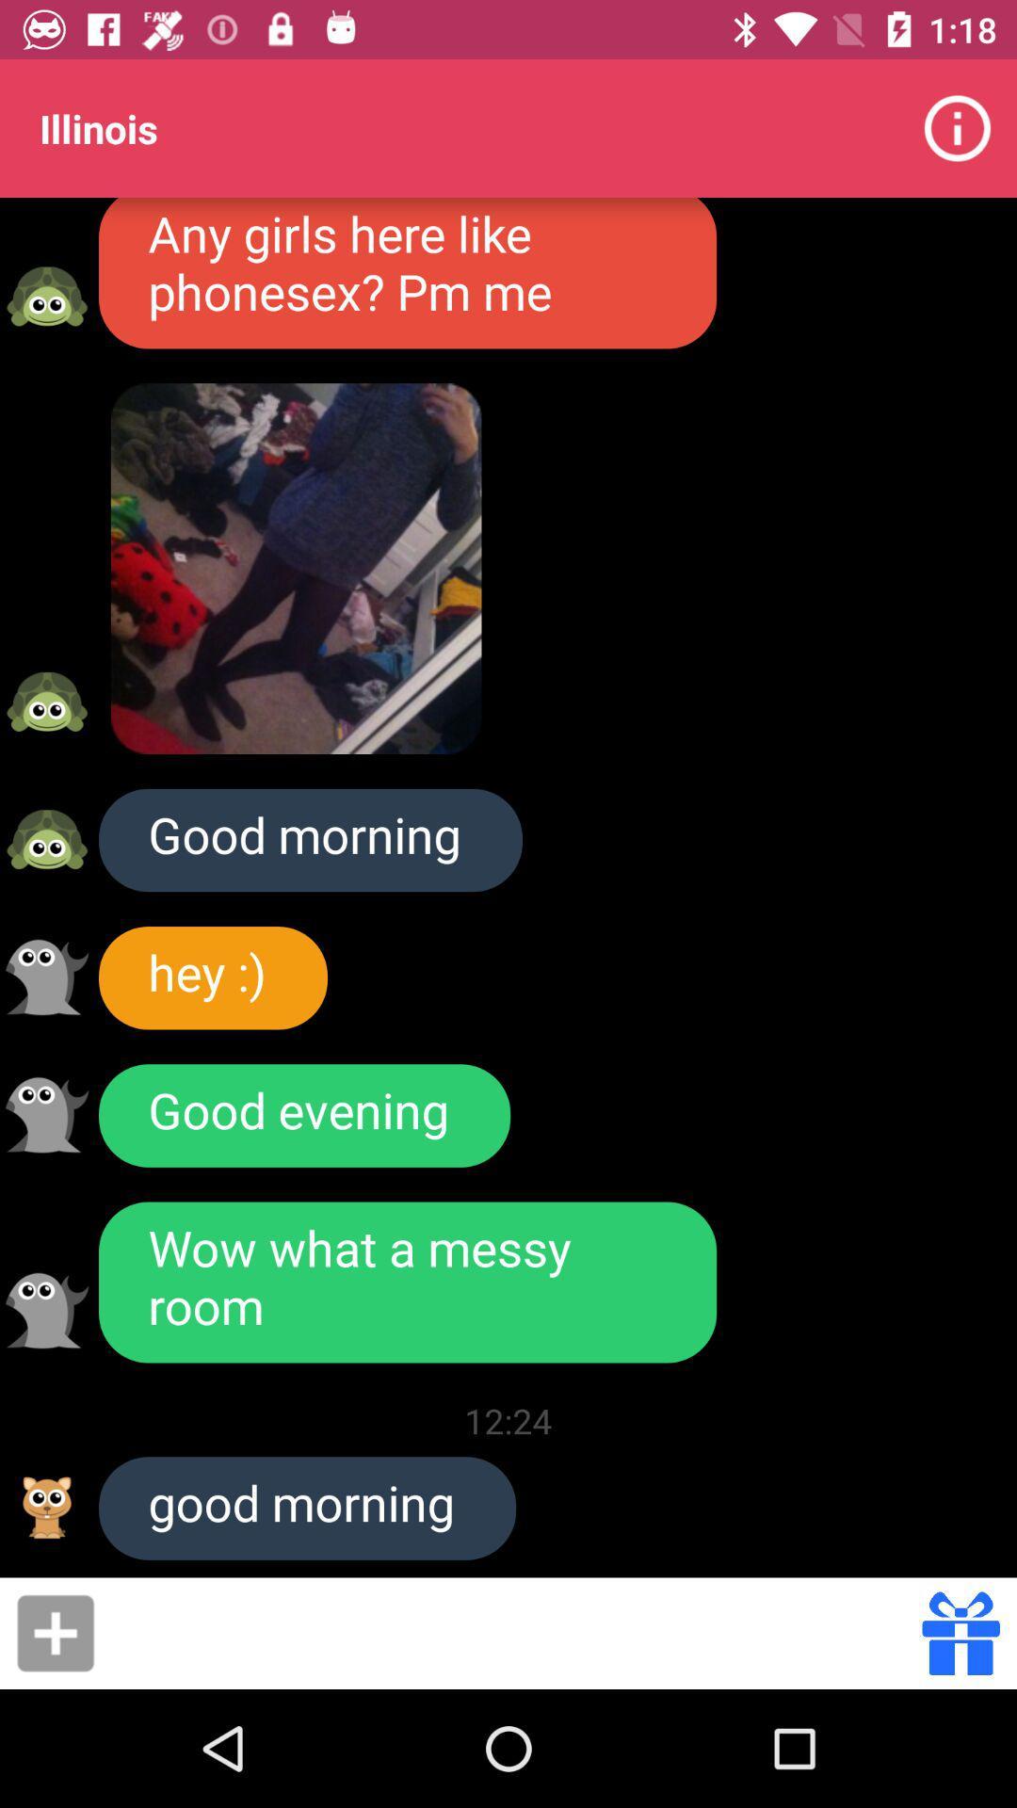 The image size is (1017, 1808). Describe the element at coordinates (514, 1632) in the screenshot. I see `message` at that location.